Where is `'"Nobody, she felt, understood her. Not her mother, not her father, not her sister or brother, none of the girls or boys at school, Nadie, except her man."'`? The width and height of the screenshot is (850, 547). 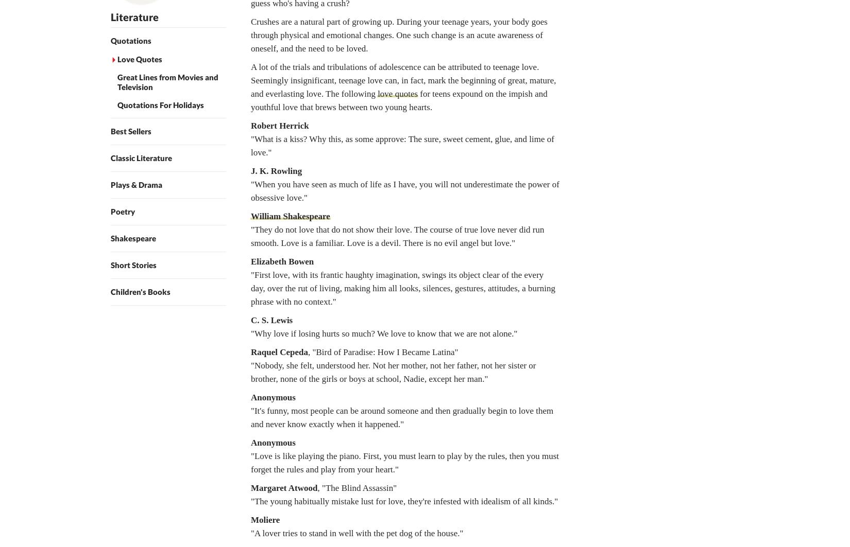 '"Nobody, she felt, understood her. Not her mother, not her father, not her sister or brother, none of the girls or boys at school, Nadie, except her man."' is located at coordinates (393, 372).